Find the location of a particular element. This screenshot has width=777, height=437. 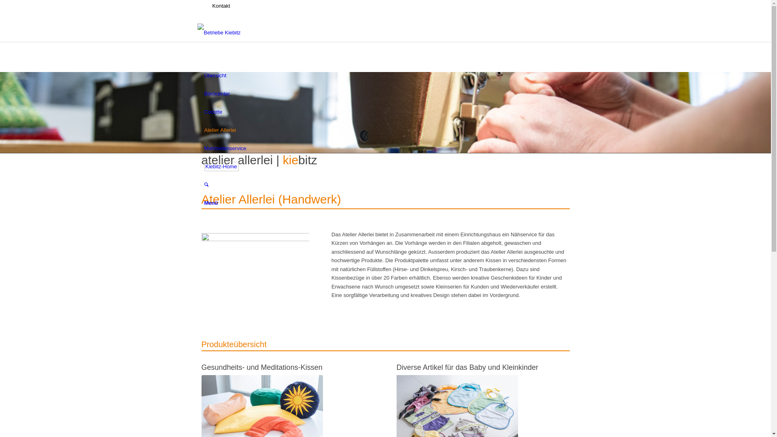

'Kiebietz_Atelier Allerlei 2' is located at coordinates (255, 269).